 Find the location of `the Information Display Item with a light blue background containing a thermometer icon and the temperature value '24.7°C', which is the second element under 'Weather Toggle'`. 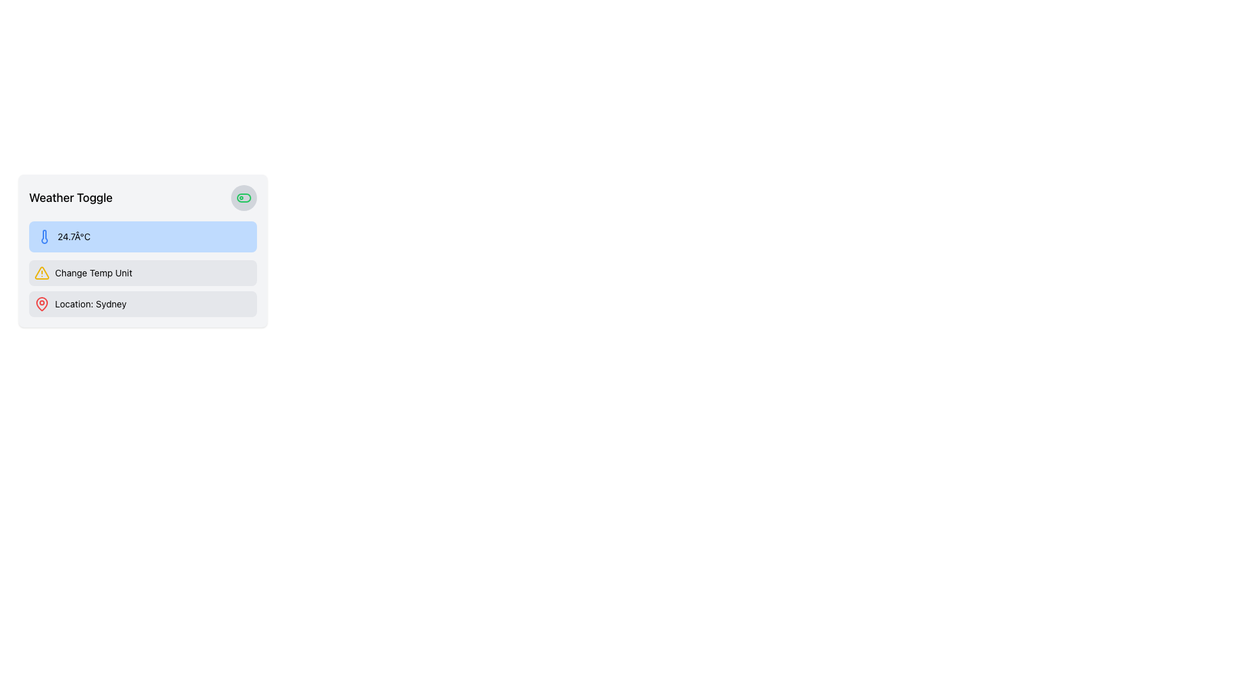

the Information Display Item with a light blue background containing a thermometer icon and the temperature value '24.7°C', which is the second element under 'Weather Toggle' is located at coordinates (142, 251).